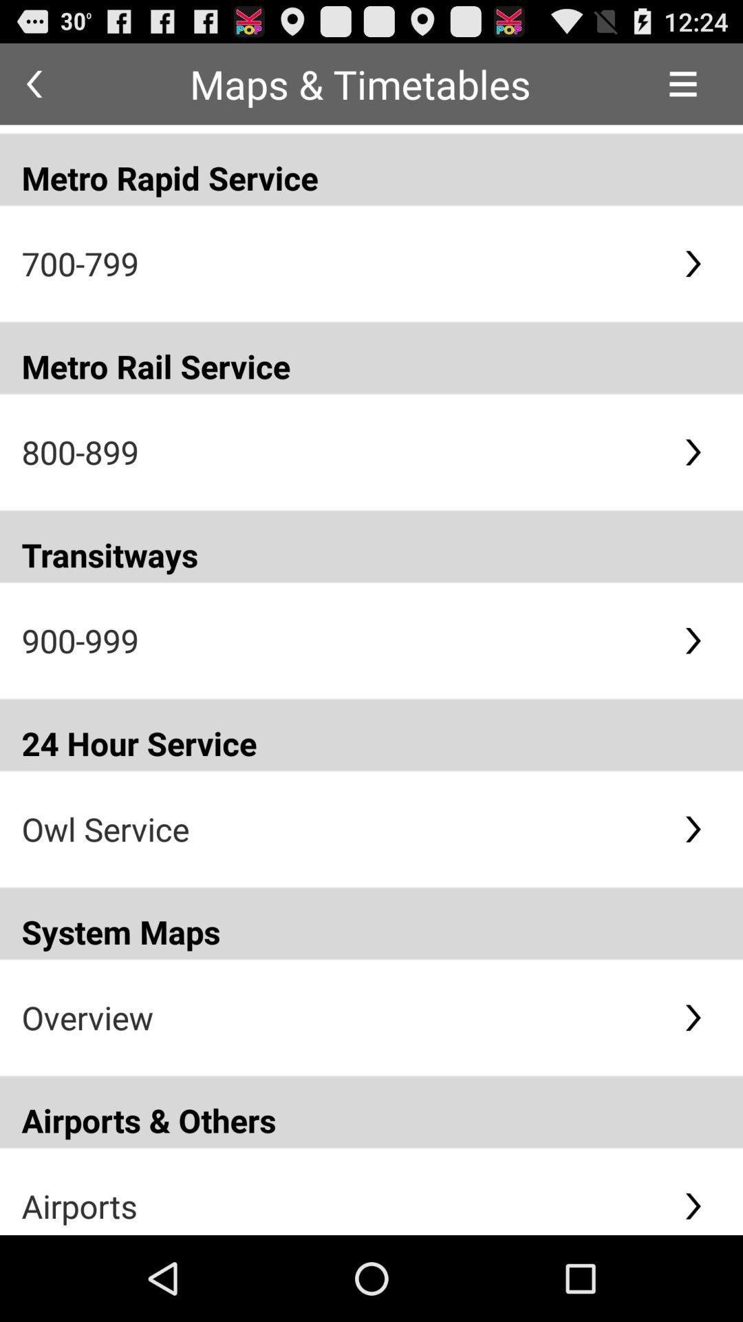  Describe the element at coordinates (341, 1017) in the screenshot. I see `overview item` at that location.